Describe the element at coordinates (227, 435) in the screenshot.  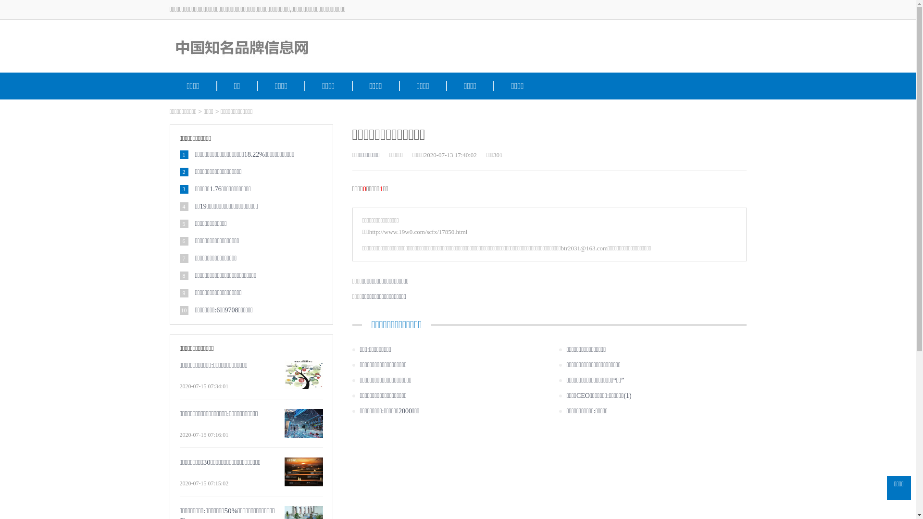
I see `'2020-07-15 07:16:01'` at that location.